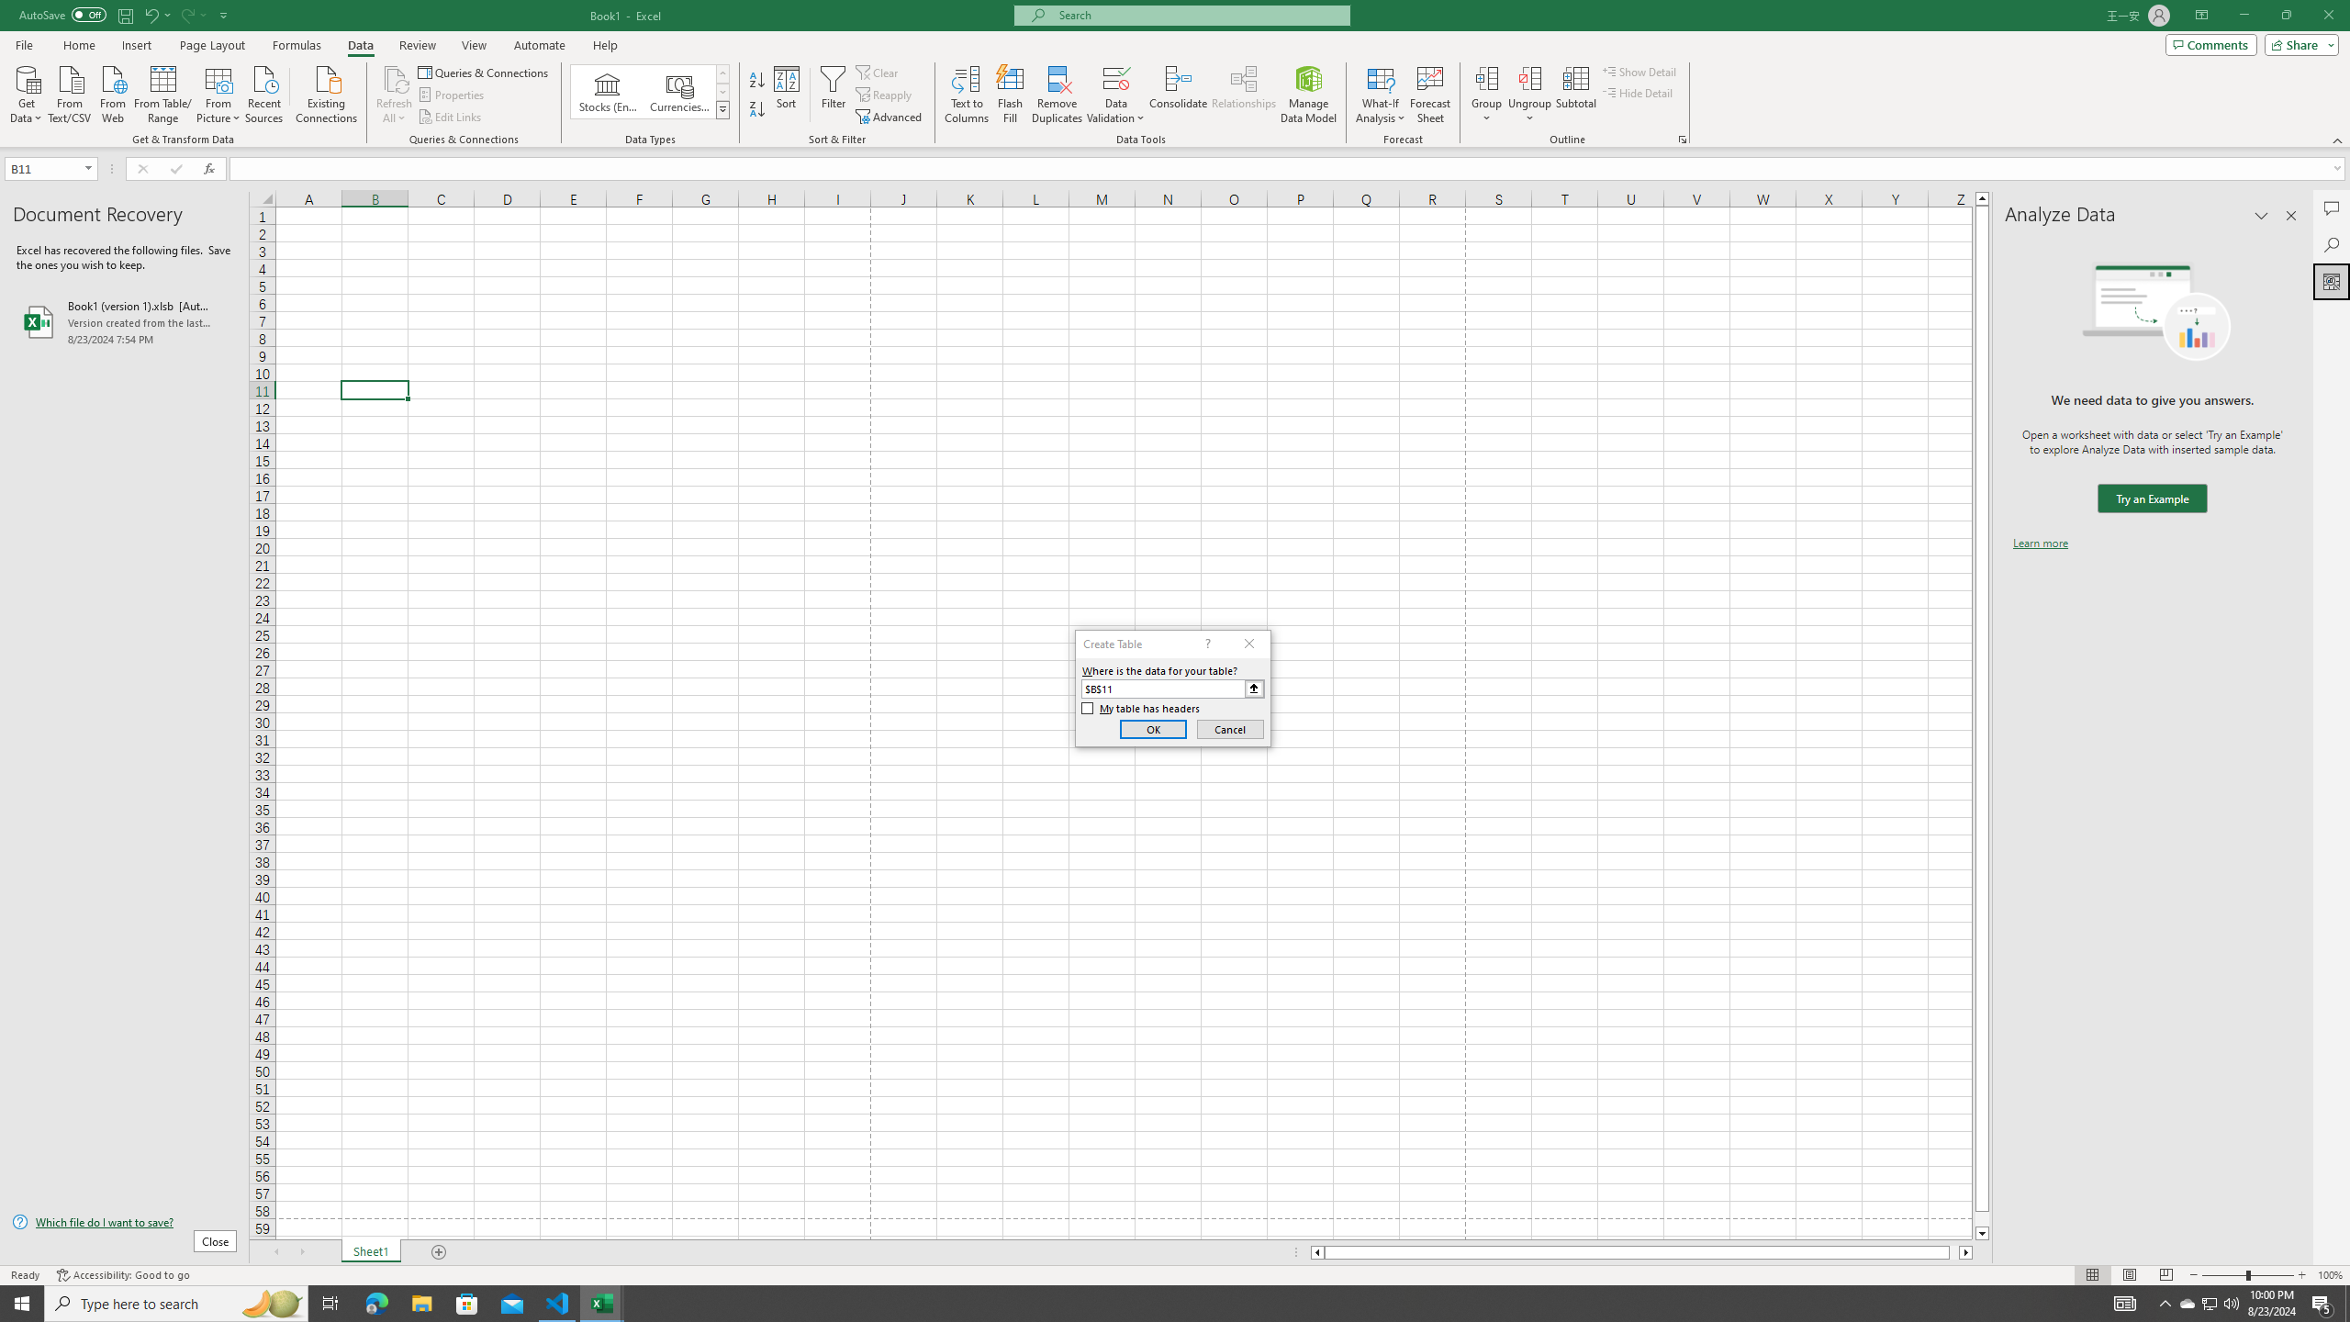 The width and height of the screenshot is (2350, 1322). What do you see at coordinates (298, 45) in the screenshot?
I see `'Formulas'` at bounding box center [298, 45].